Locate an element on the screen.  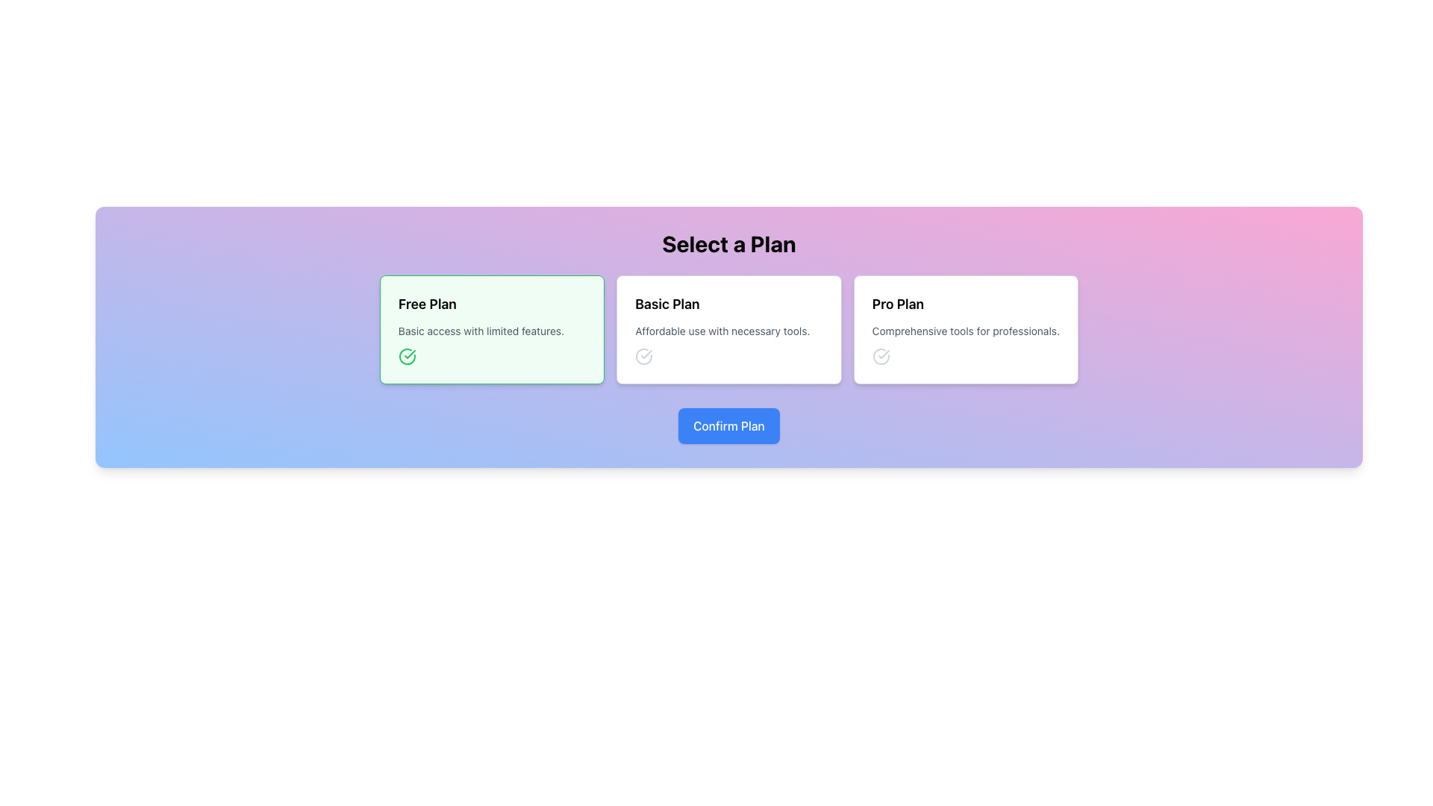
the 'Basic Plan' text label, which is styled with a larger, bold font and positioned at the top of the card describing the plan option is located at coordinates (666, 304).